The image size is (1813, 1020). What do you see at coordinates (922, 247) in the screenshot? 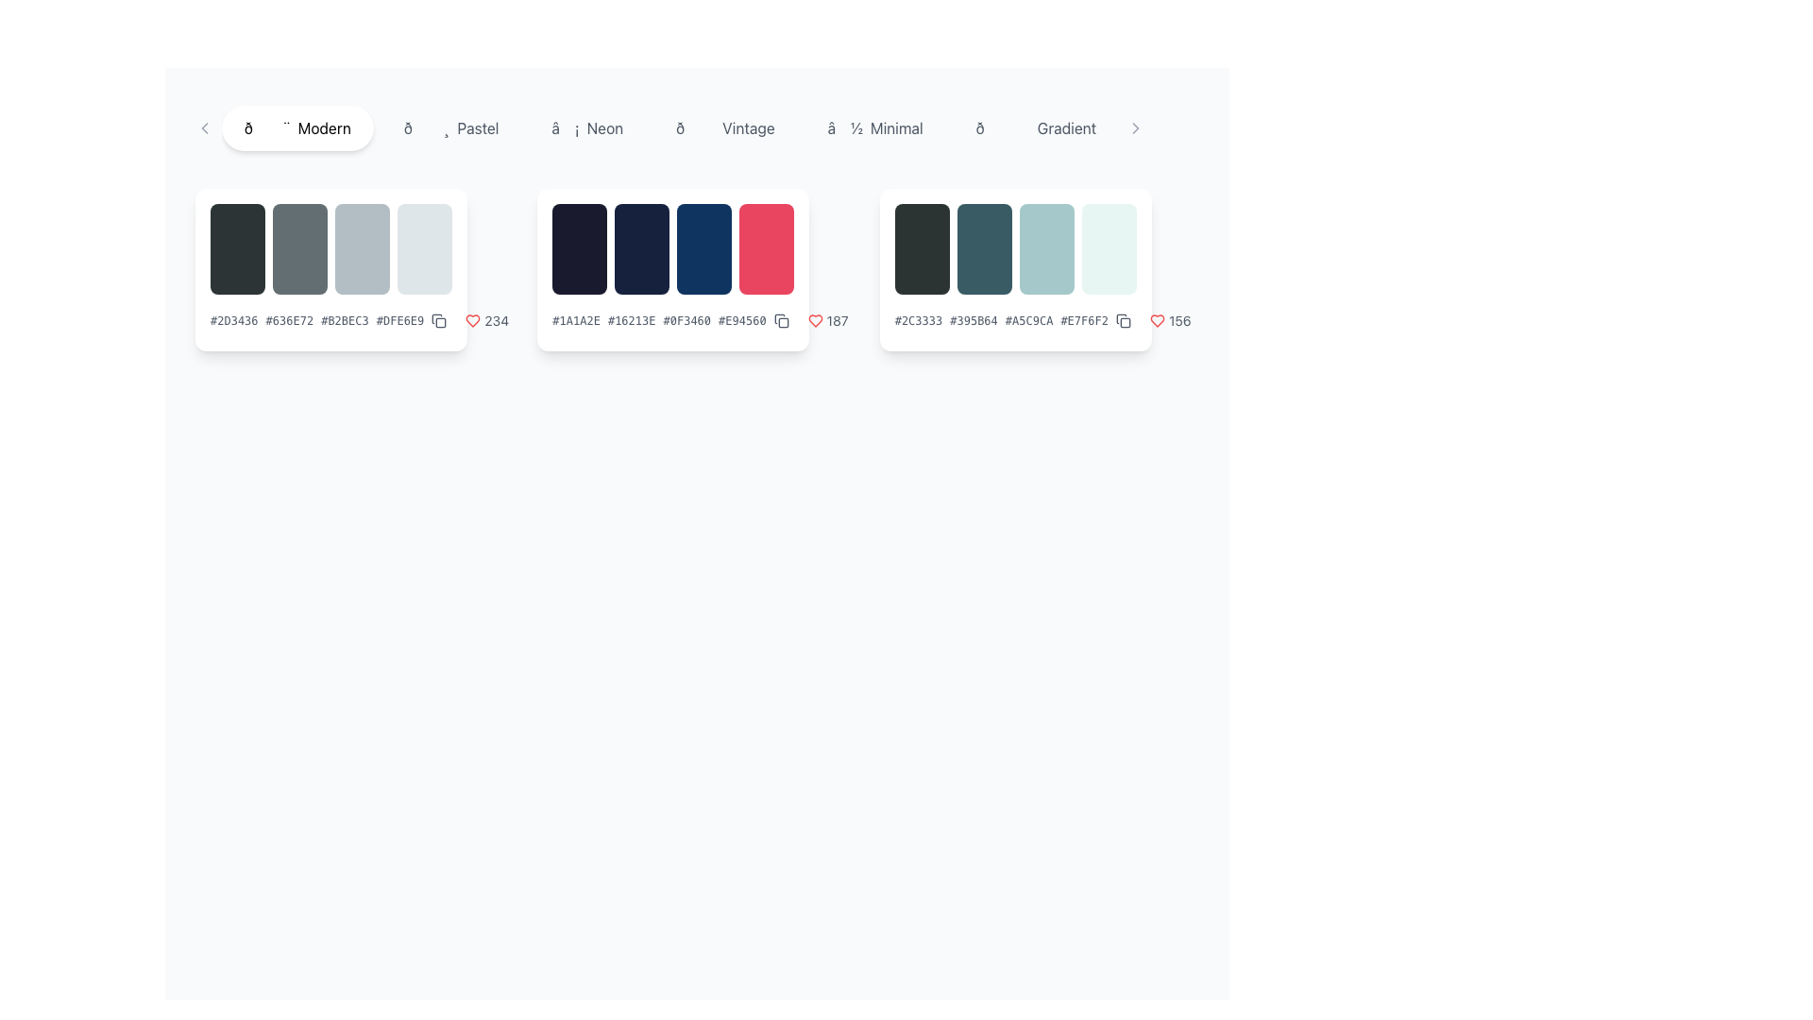
I see `the first colored block in the color palette component, located in the right-middle region of the interface` at bounding box center [922, 247].